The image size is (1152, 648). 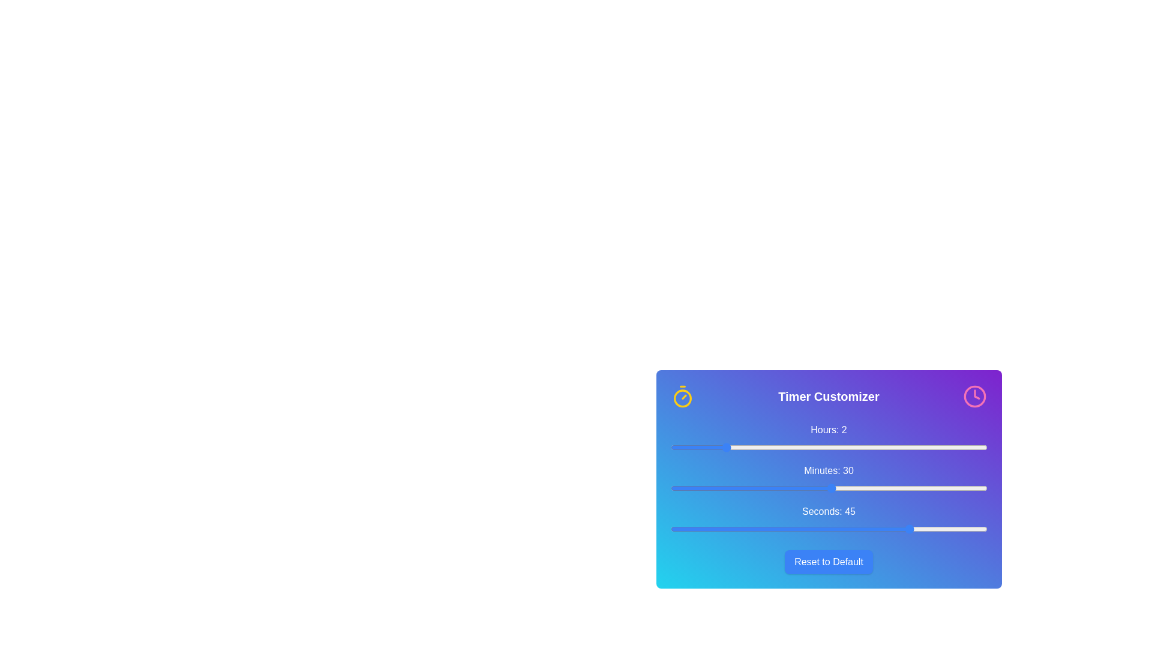 I want to click on the 'seconds' slider to set the value to 46, so click(x=917, y=529).